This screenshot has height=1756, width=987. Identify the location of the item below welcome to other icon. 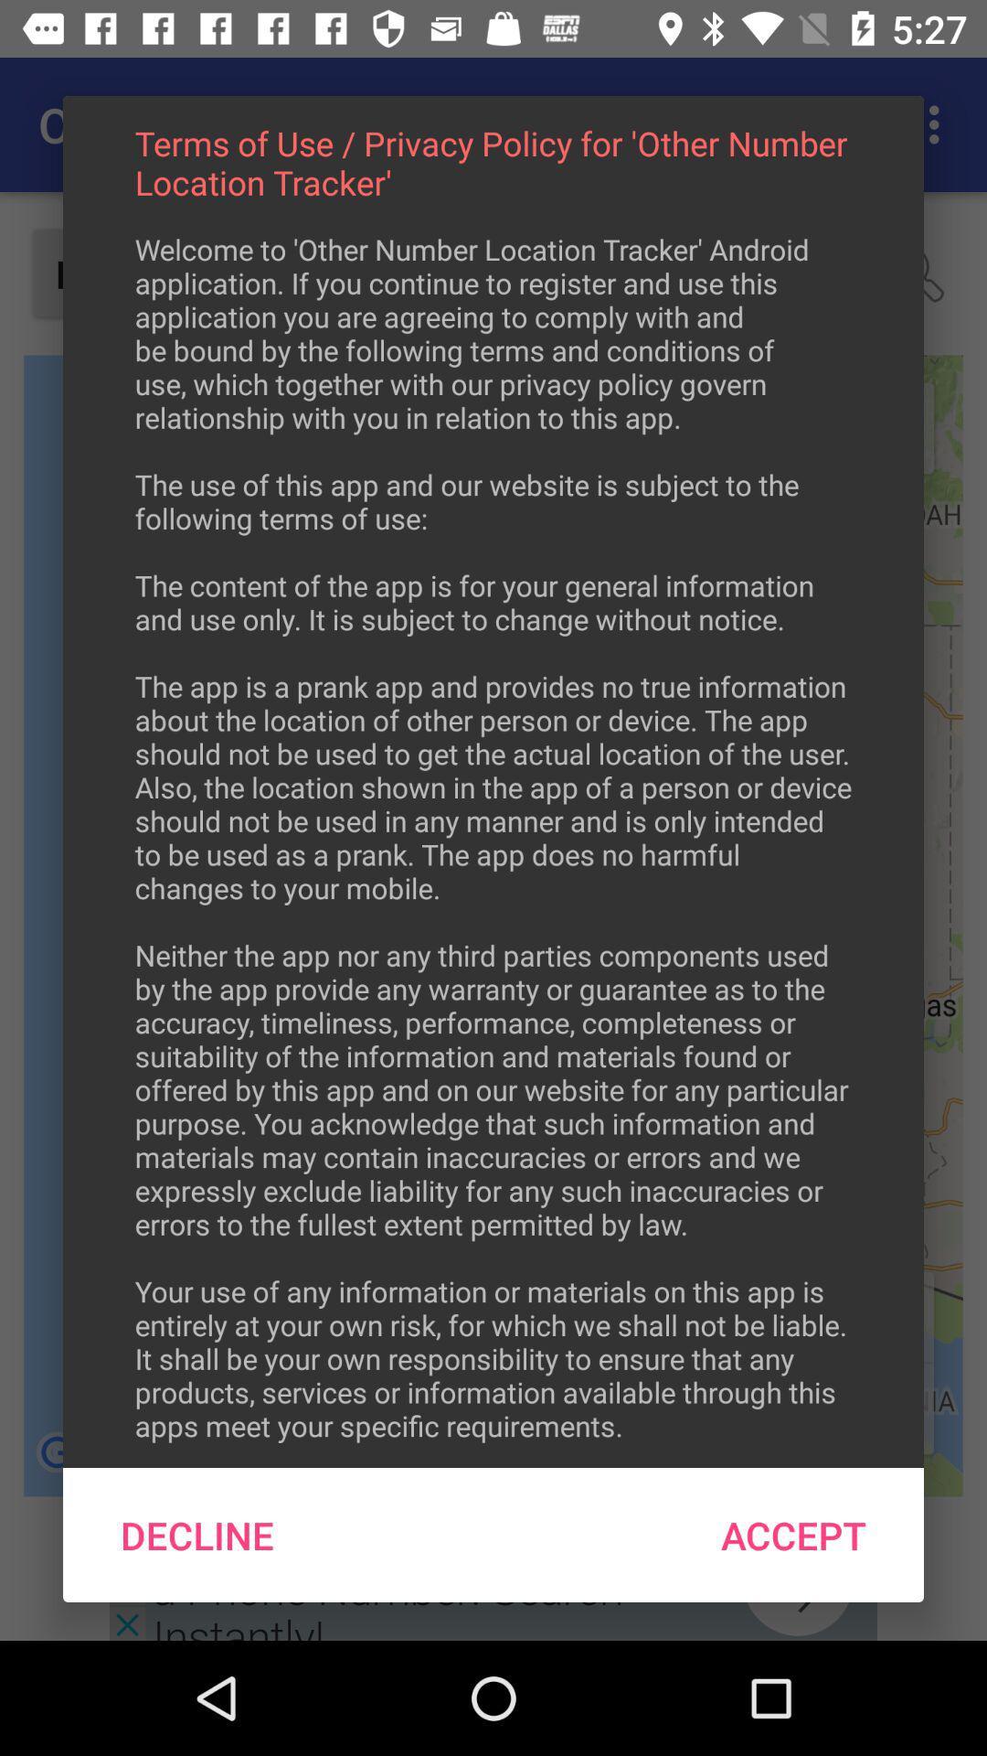
(197, 1535).